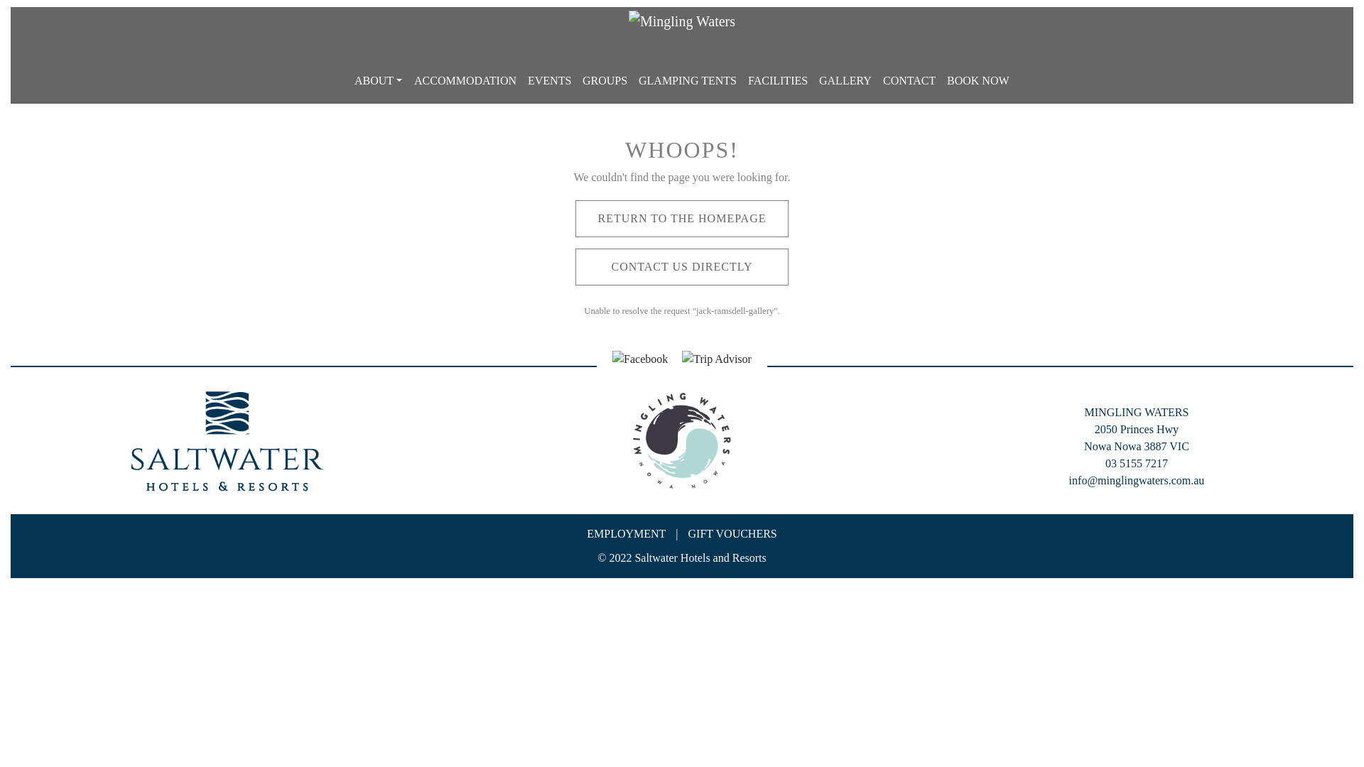 The image size is (1364, 767). I want to click on 'CONTACT US DIRECTLY', so click(682, 266).